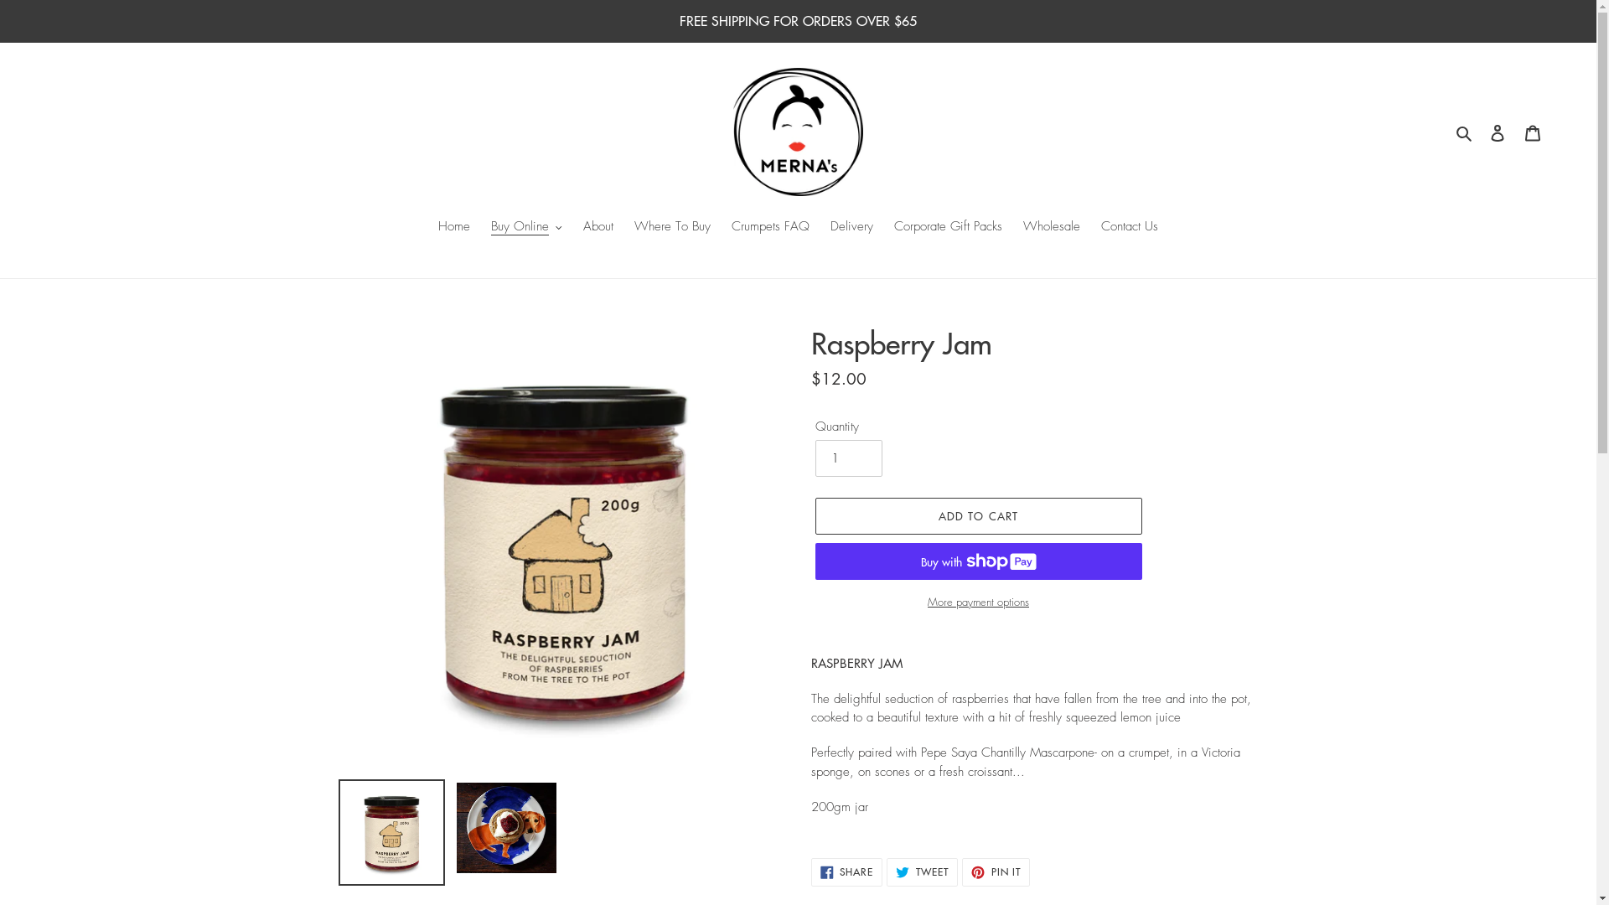 The width and height of the screenshot is (1609, 905). I want to click on 'Contact Us', so click(1130, 228).